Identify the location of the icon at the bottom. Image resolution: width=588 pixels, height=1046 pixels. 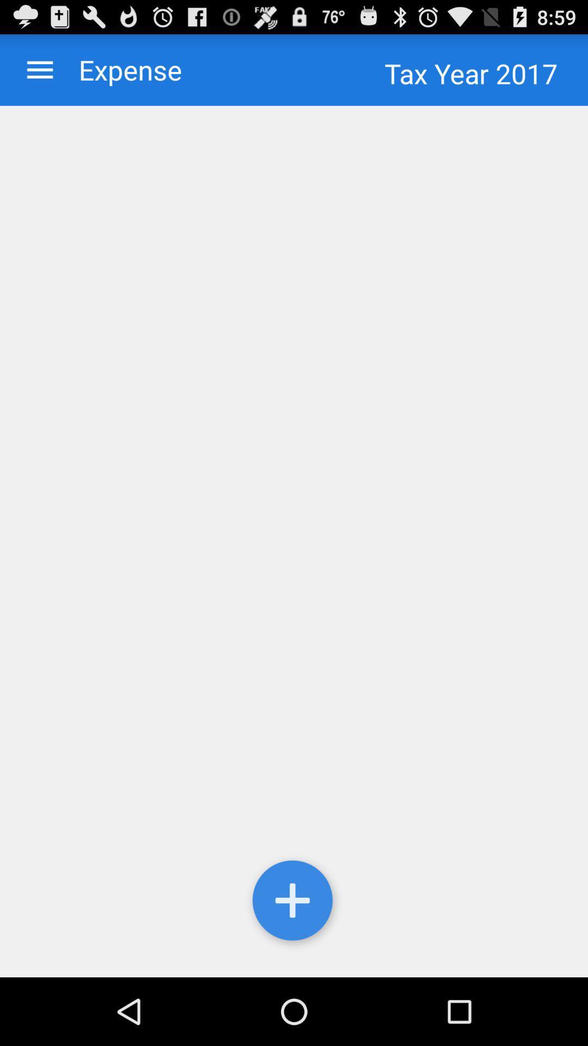
(294, 903).